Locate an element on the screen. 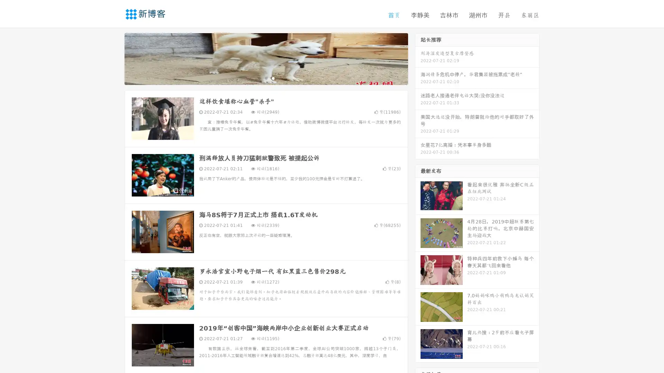 The width and height of the screenshot is (664, 373). Previous slide is located at coordinates (114, 58).